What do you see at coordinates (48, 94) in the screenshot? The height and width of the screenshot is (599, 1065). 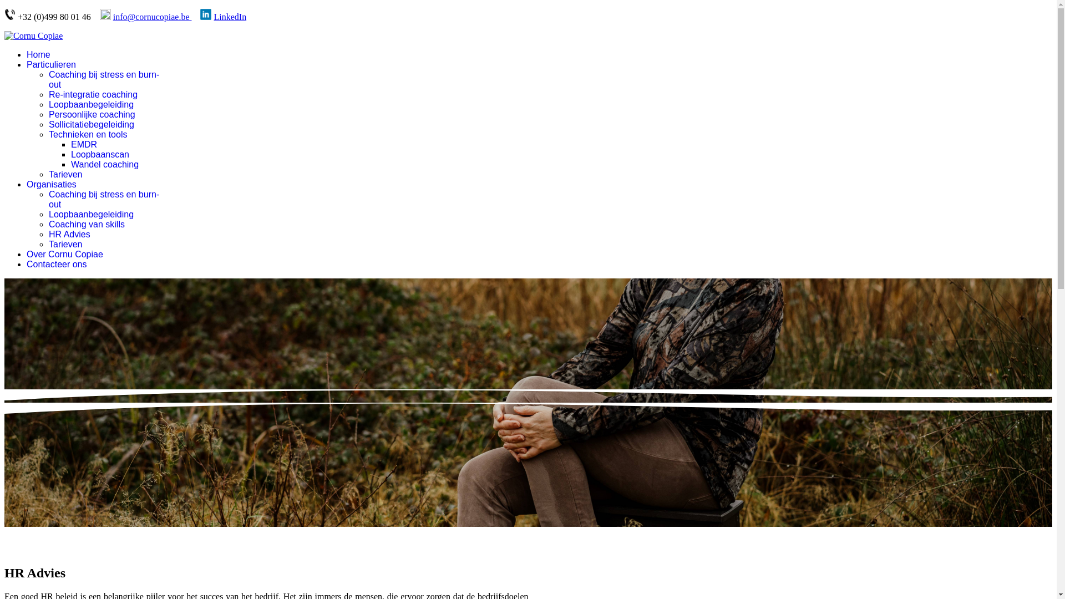 I see `'Re-integratie coaching'` at bounding box center [48, 94].